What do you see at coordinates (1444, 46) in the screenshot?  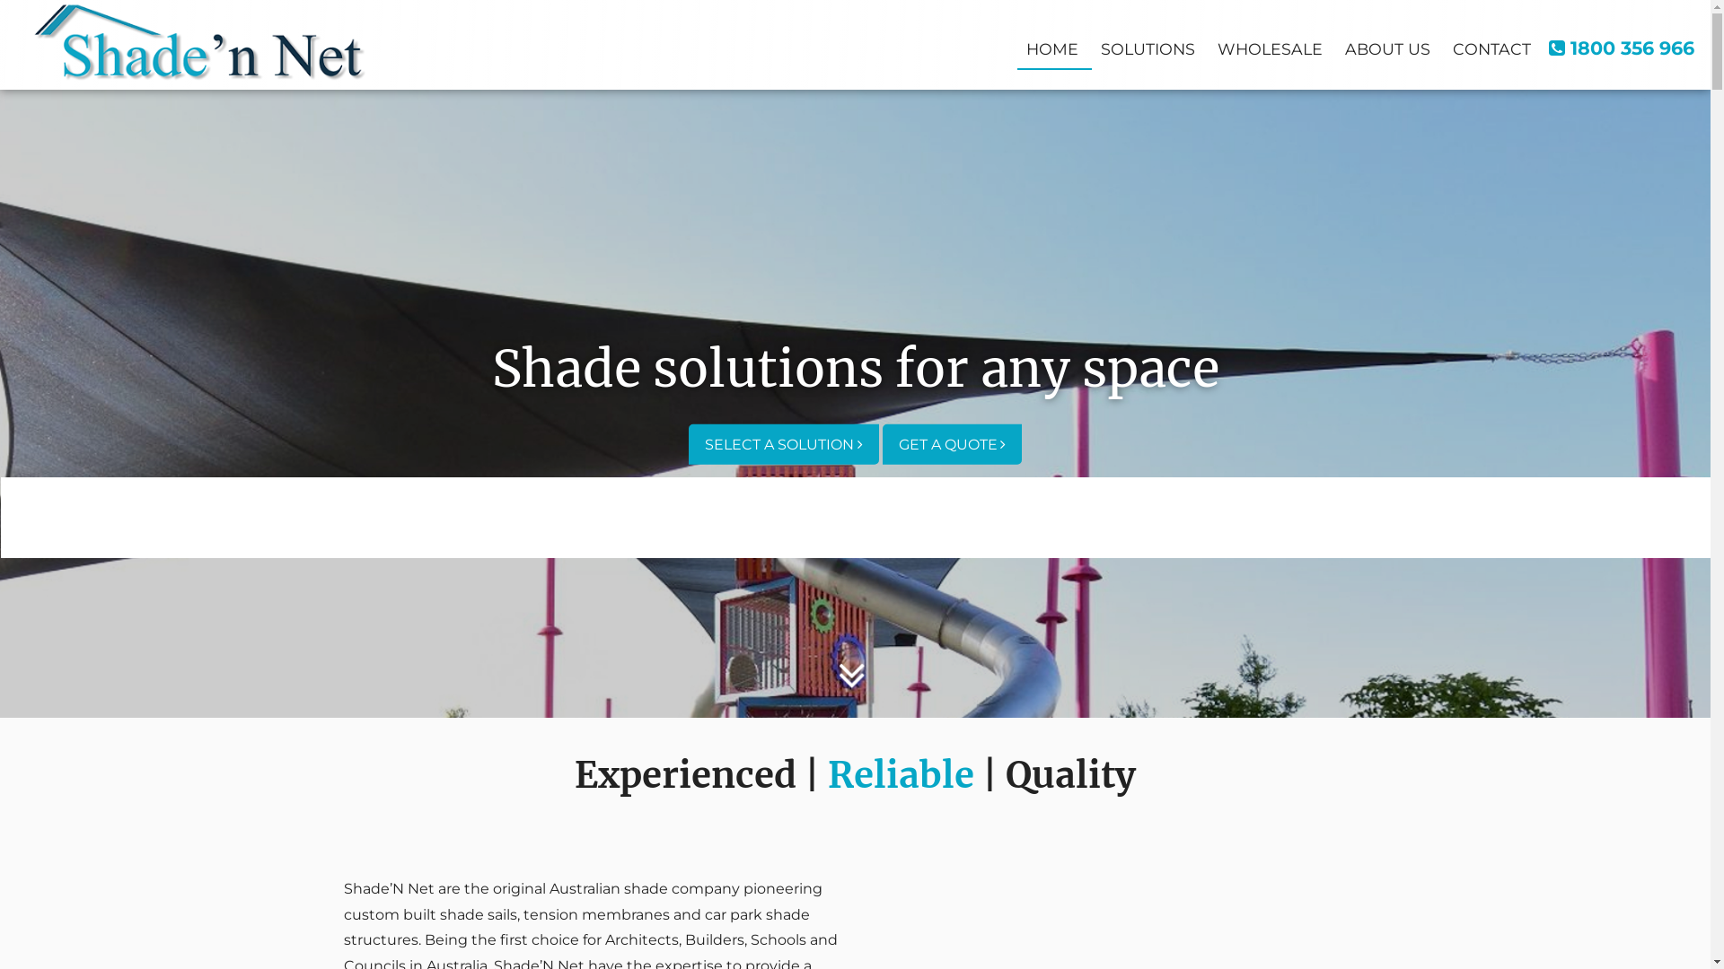 I see `'CONTACT'` at bounding box center [1444, 46].